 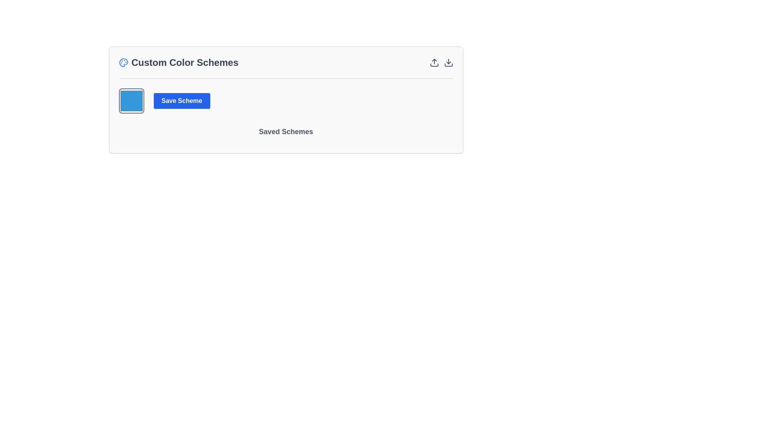 What do you see at coordinates (123, 62) in the screenshot?
I see `the palette icon in the 'Custom Color Schemes' section, which serves as a visual representation for color or design` at bounding box center [123, 62].